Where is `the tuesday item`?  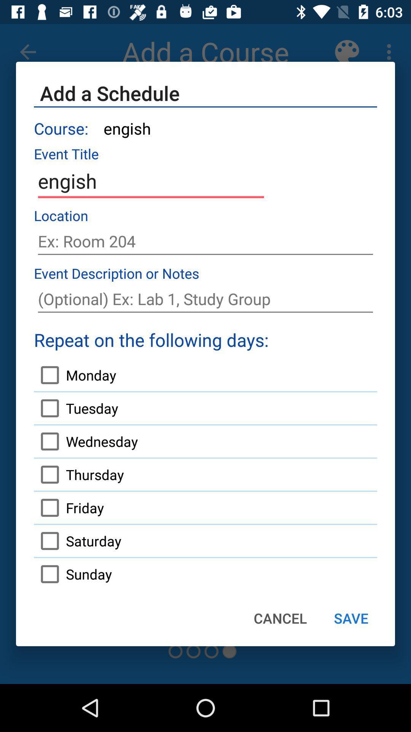
the tuesday item is located at coordinates (76, 408).